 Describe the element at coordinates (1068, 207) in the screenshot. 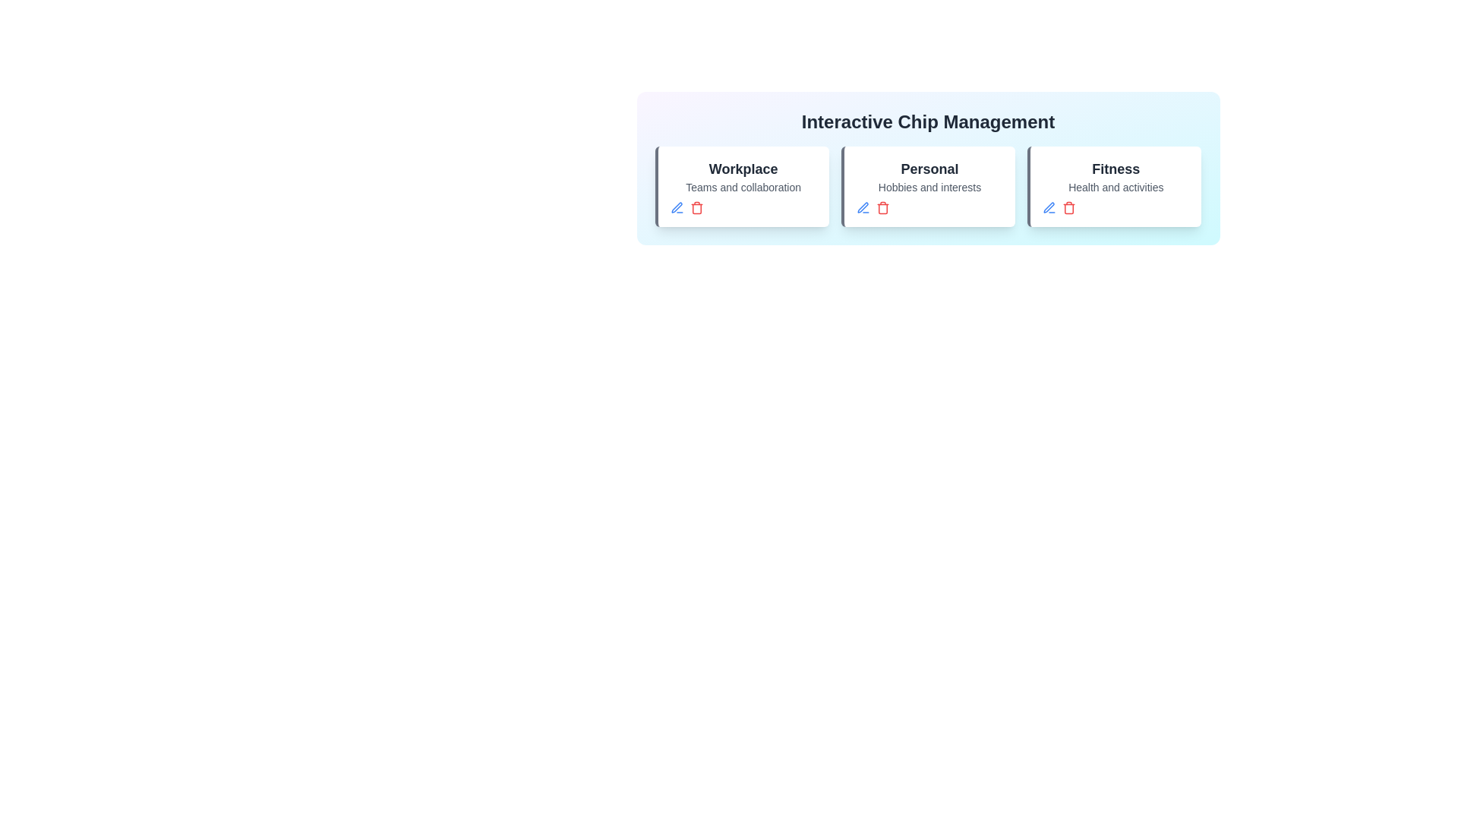

I see `'Delete' button for the chip titled 'Fitness'` at that location.